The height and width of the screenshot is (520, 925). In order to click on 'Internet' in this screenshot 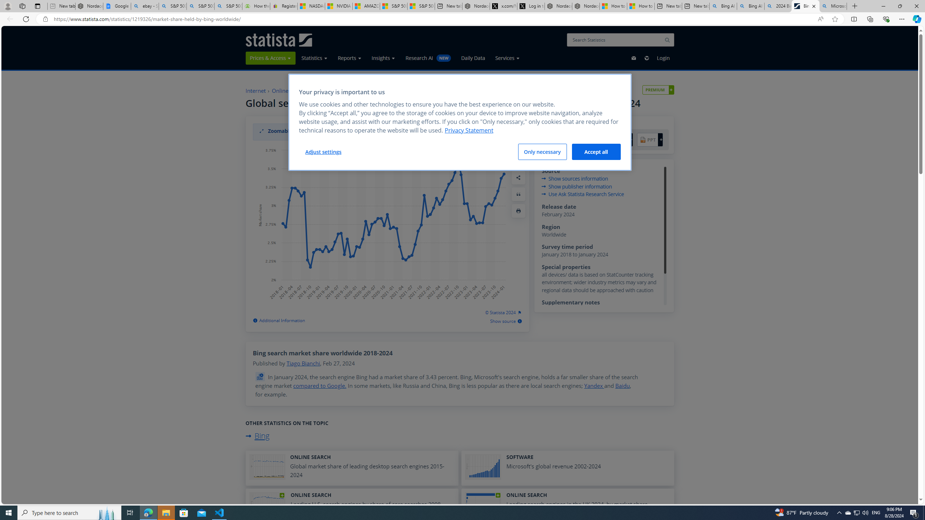, I will do `click(258, 90)`.